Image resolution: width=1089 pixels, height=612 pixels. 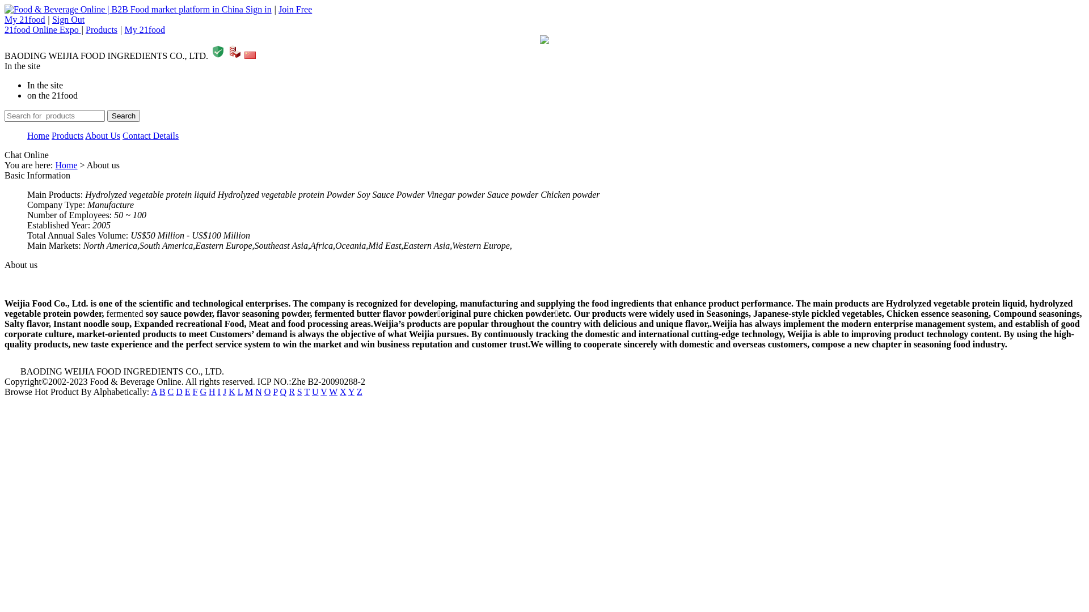 What do you see at coordinates (188, 391) in the screenshot?
I see `'E'` at bounding box center [188, 391].